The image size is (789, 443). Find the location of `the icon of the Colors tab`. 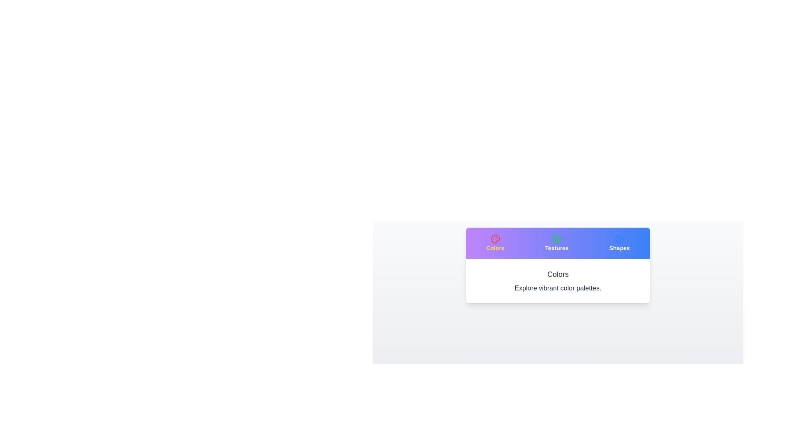

the icon of the Colors tab is located at coordinates (495, 243).